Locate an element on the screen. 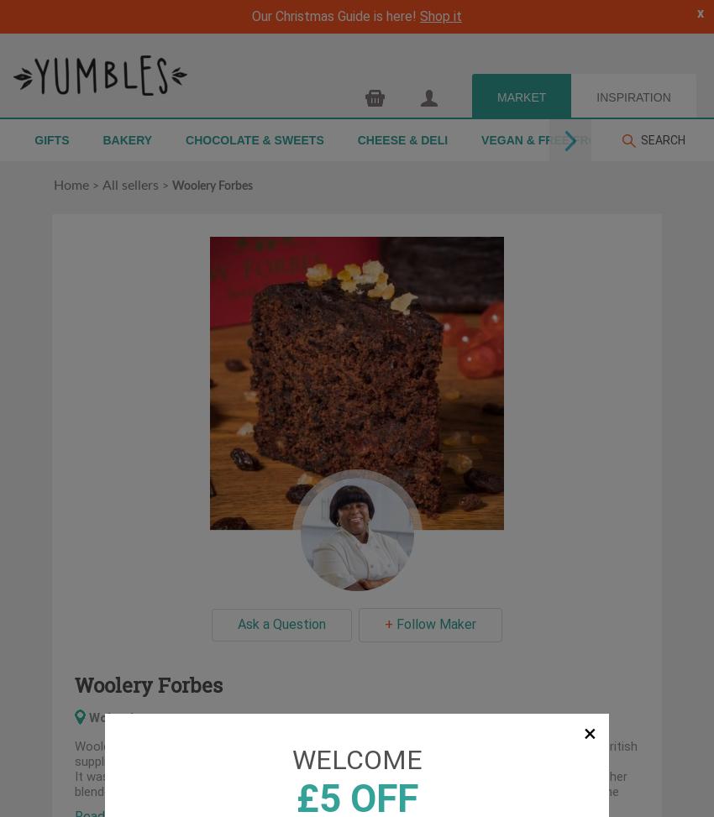  'DRINKS' is located at coordinates (640, 139).